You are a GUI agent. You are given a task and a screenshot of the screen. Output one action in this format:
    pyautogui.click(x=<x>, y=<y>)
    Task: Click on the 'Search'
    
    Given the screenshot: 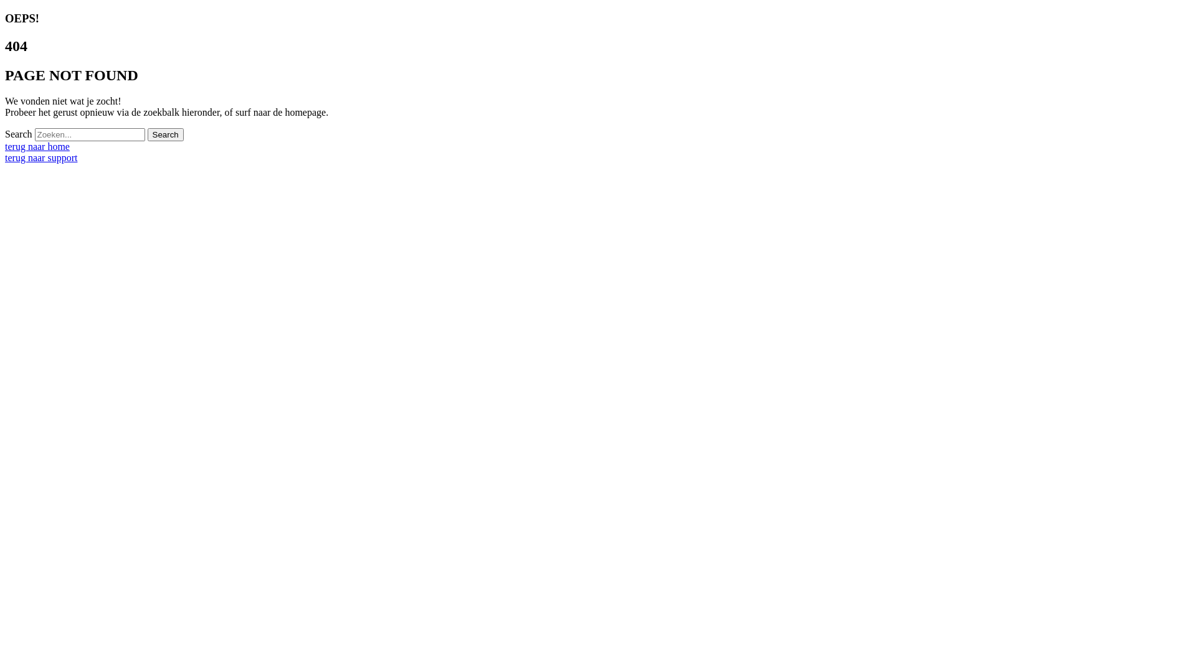 What is the action you would take?
    pyautogui.click(x=164, y=134)
    